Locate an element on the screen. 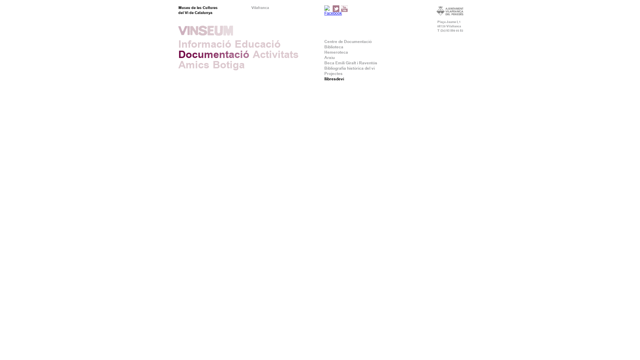 The image size is (640, 360). 'Projectes' is located at coordinates (324, 73).